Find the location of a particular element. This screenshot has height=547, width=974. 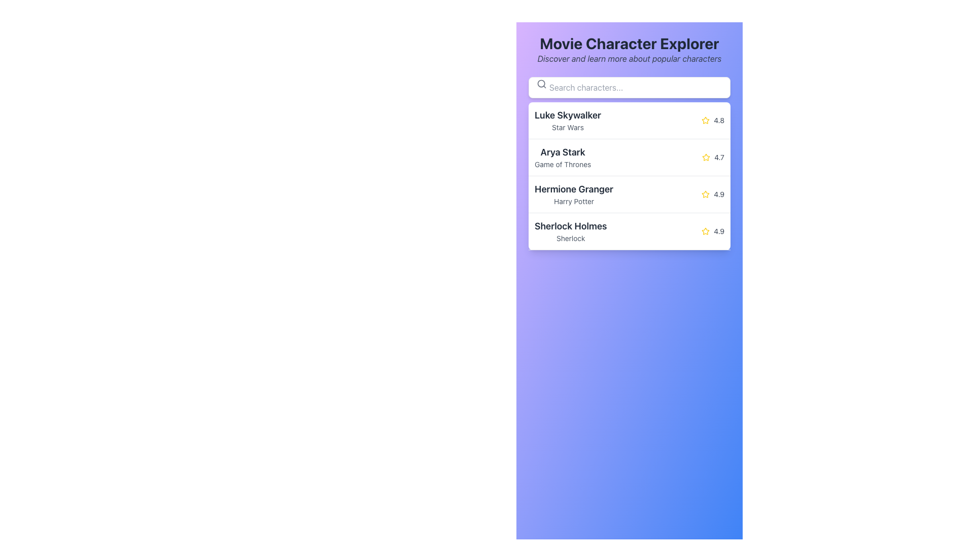

the decorative icon representing the score for 'Arya Stark' located next to the score of 4.7 is located at coordinates (706, 157).